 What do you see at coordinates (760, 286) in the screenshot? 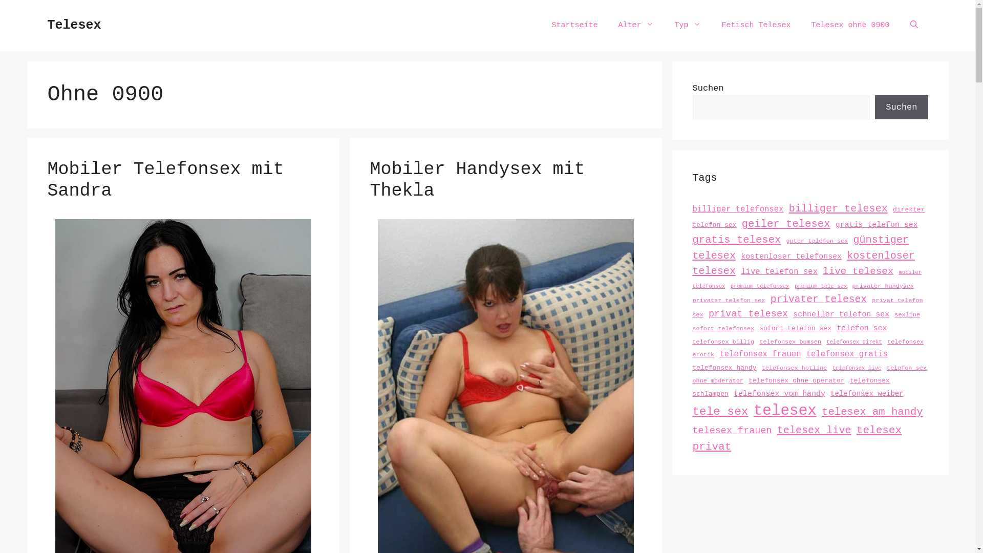
I see `'premium telefonsex'` at bounding box center [760, 286].